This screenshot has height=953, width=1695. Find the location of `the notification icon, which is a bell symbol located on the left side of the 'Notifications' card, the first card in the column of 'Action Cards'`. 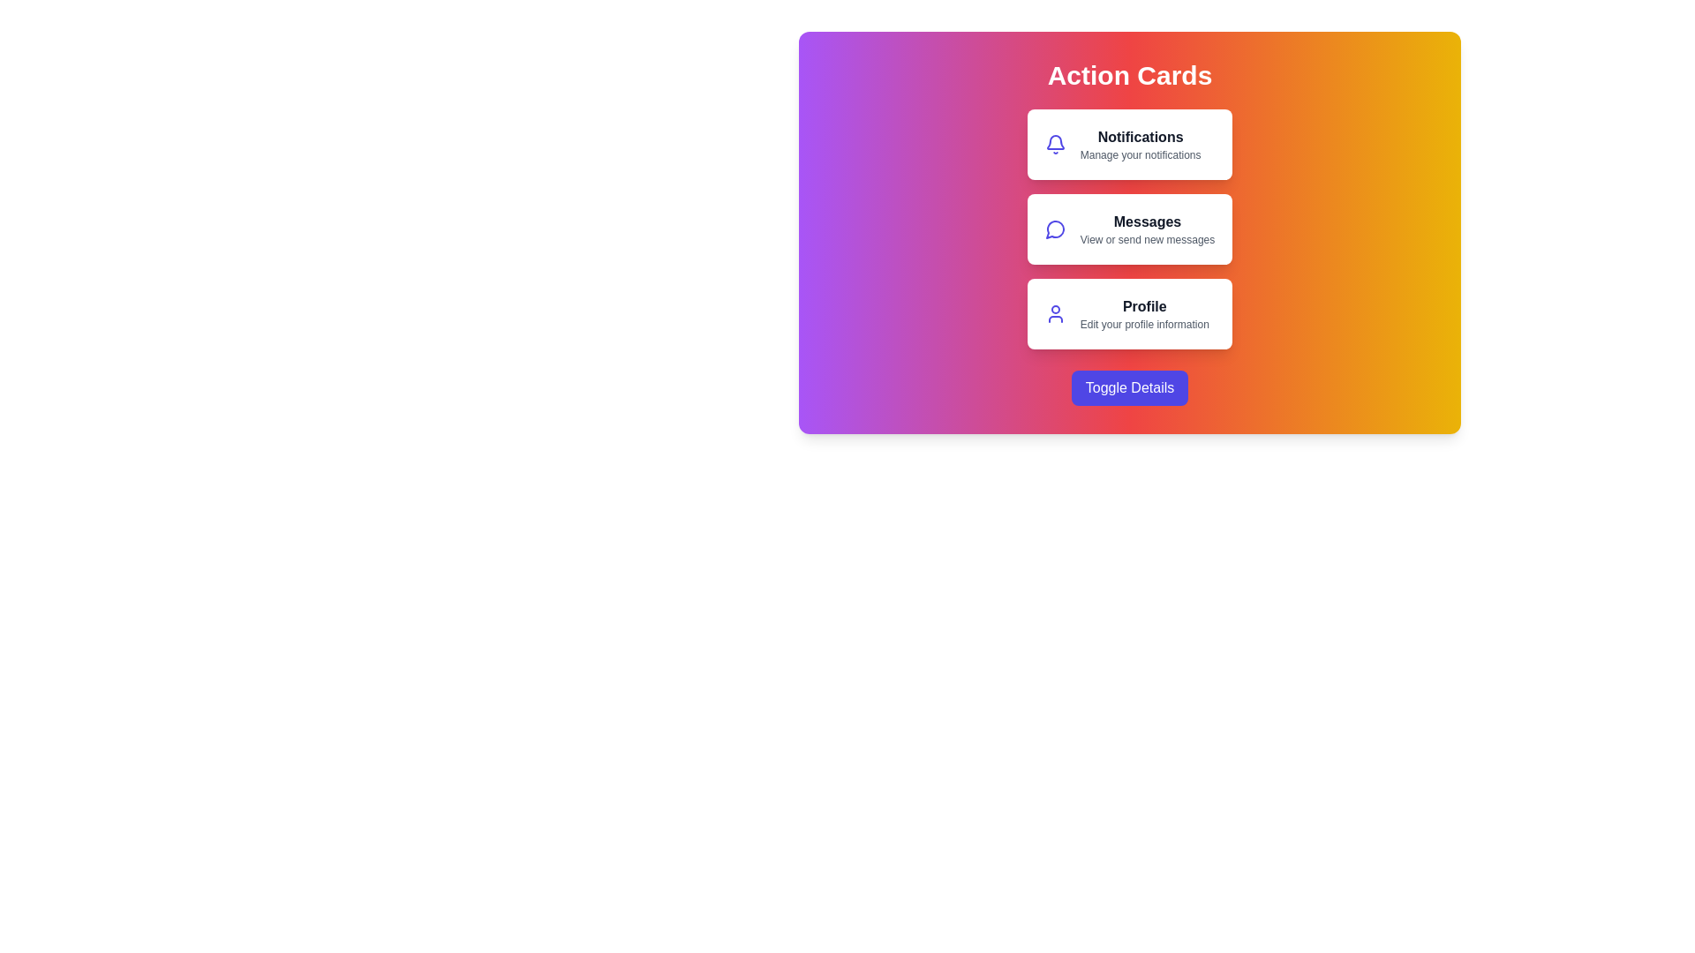

the notification icon, which is a bell symbol located on the left side of the 'Notifications' card, the first card in the column of 'Action Cards' is located at coordinates (1055, 144).